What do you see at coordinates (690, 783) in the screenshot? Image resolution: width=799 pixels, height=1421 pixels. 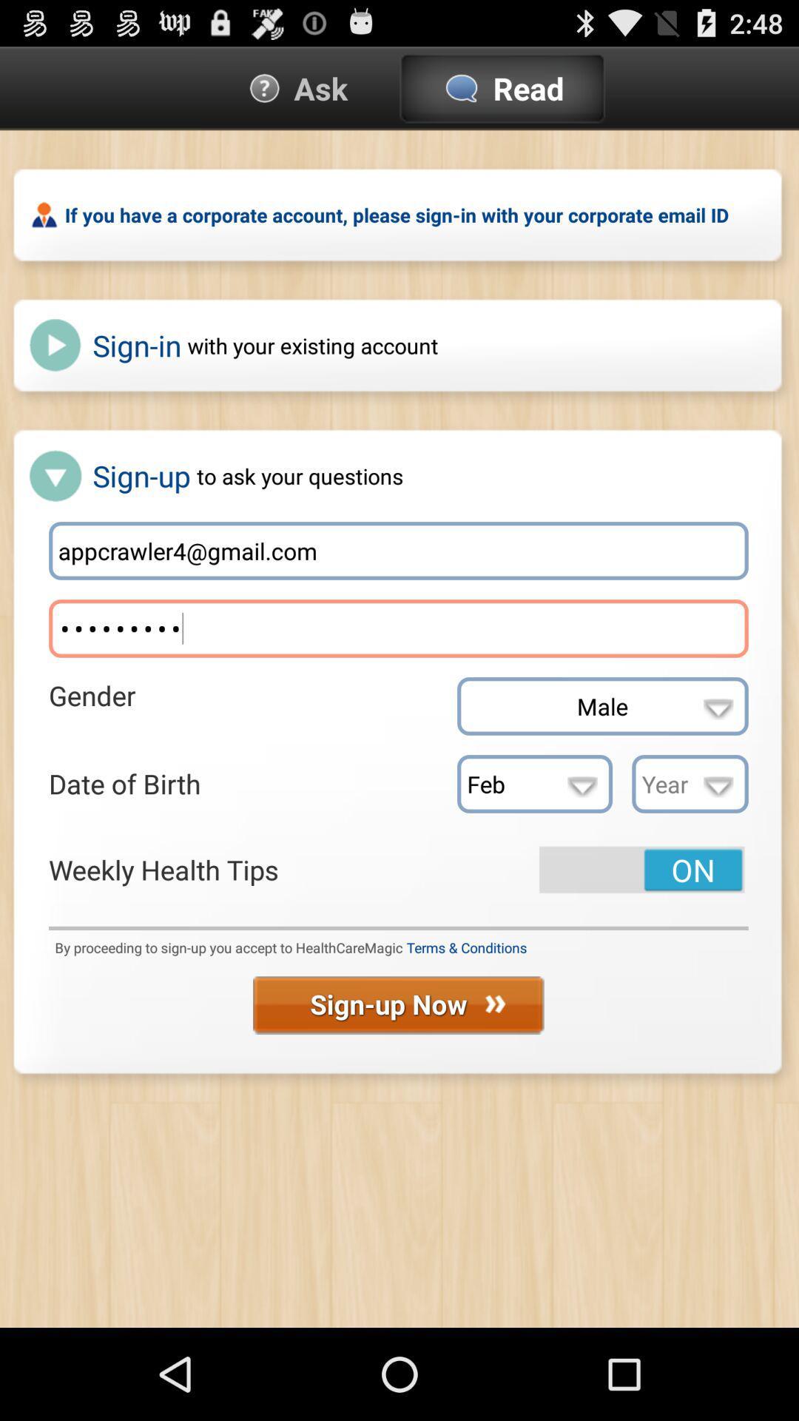 I see `write the date` at bounding box center [690, 783].